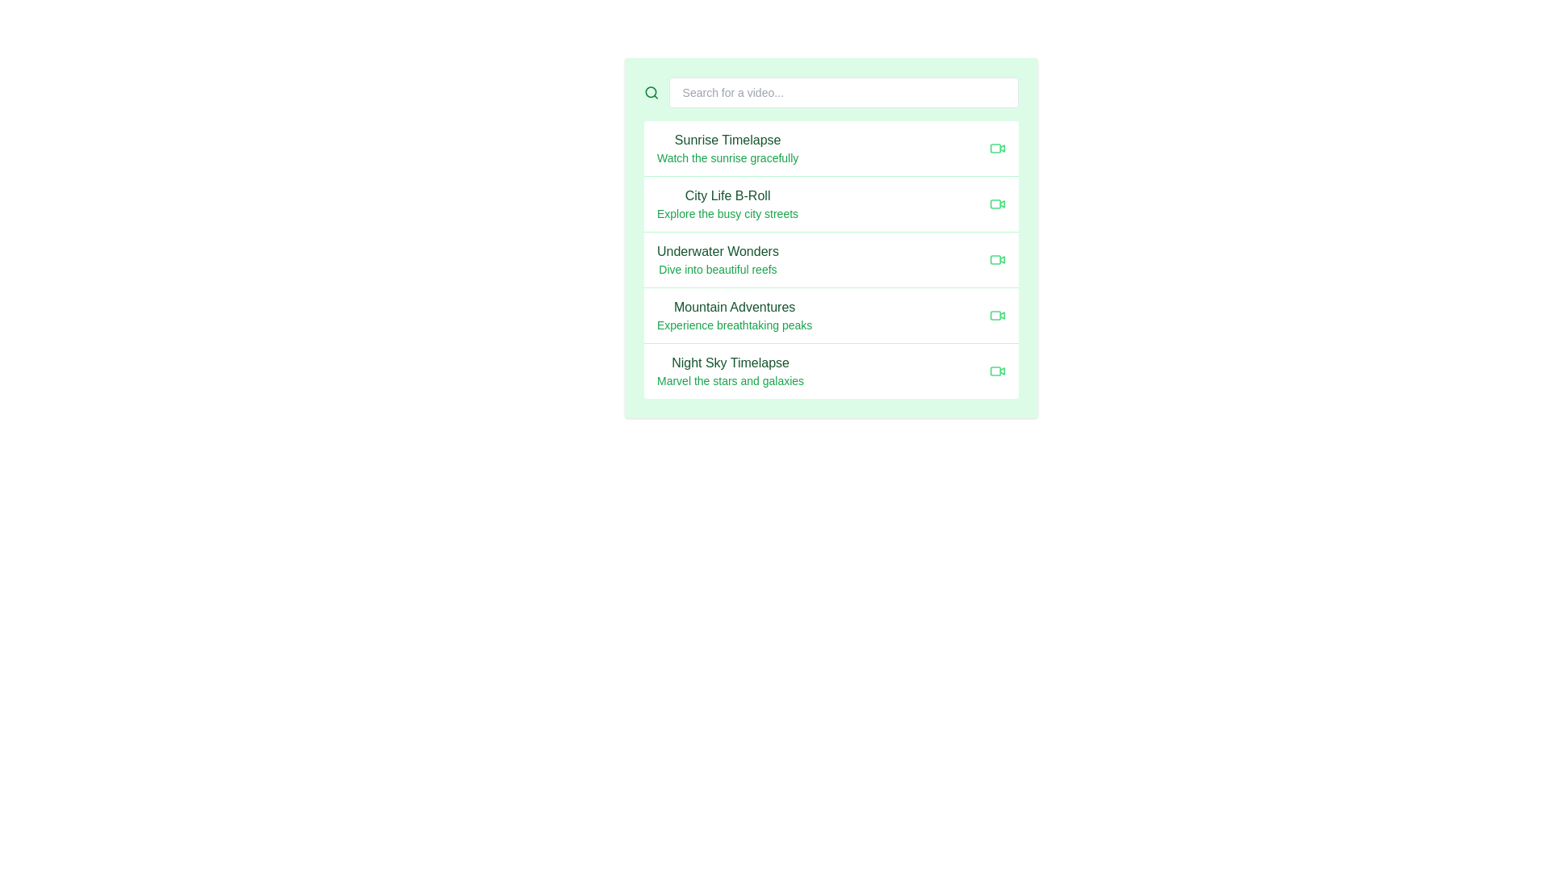 This screenshot has width=1550, height=872. What do you see at coordinates (730, 371) in the screenshot?
I see `the text block that provides a title and descriptive text for the listed content, specifically located beneath 'Mountain Adventures' and above the footer in a light green interface` at bounding box center [730, 371].